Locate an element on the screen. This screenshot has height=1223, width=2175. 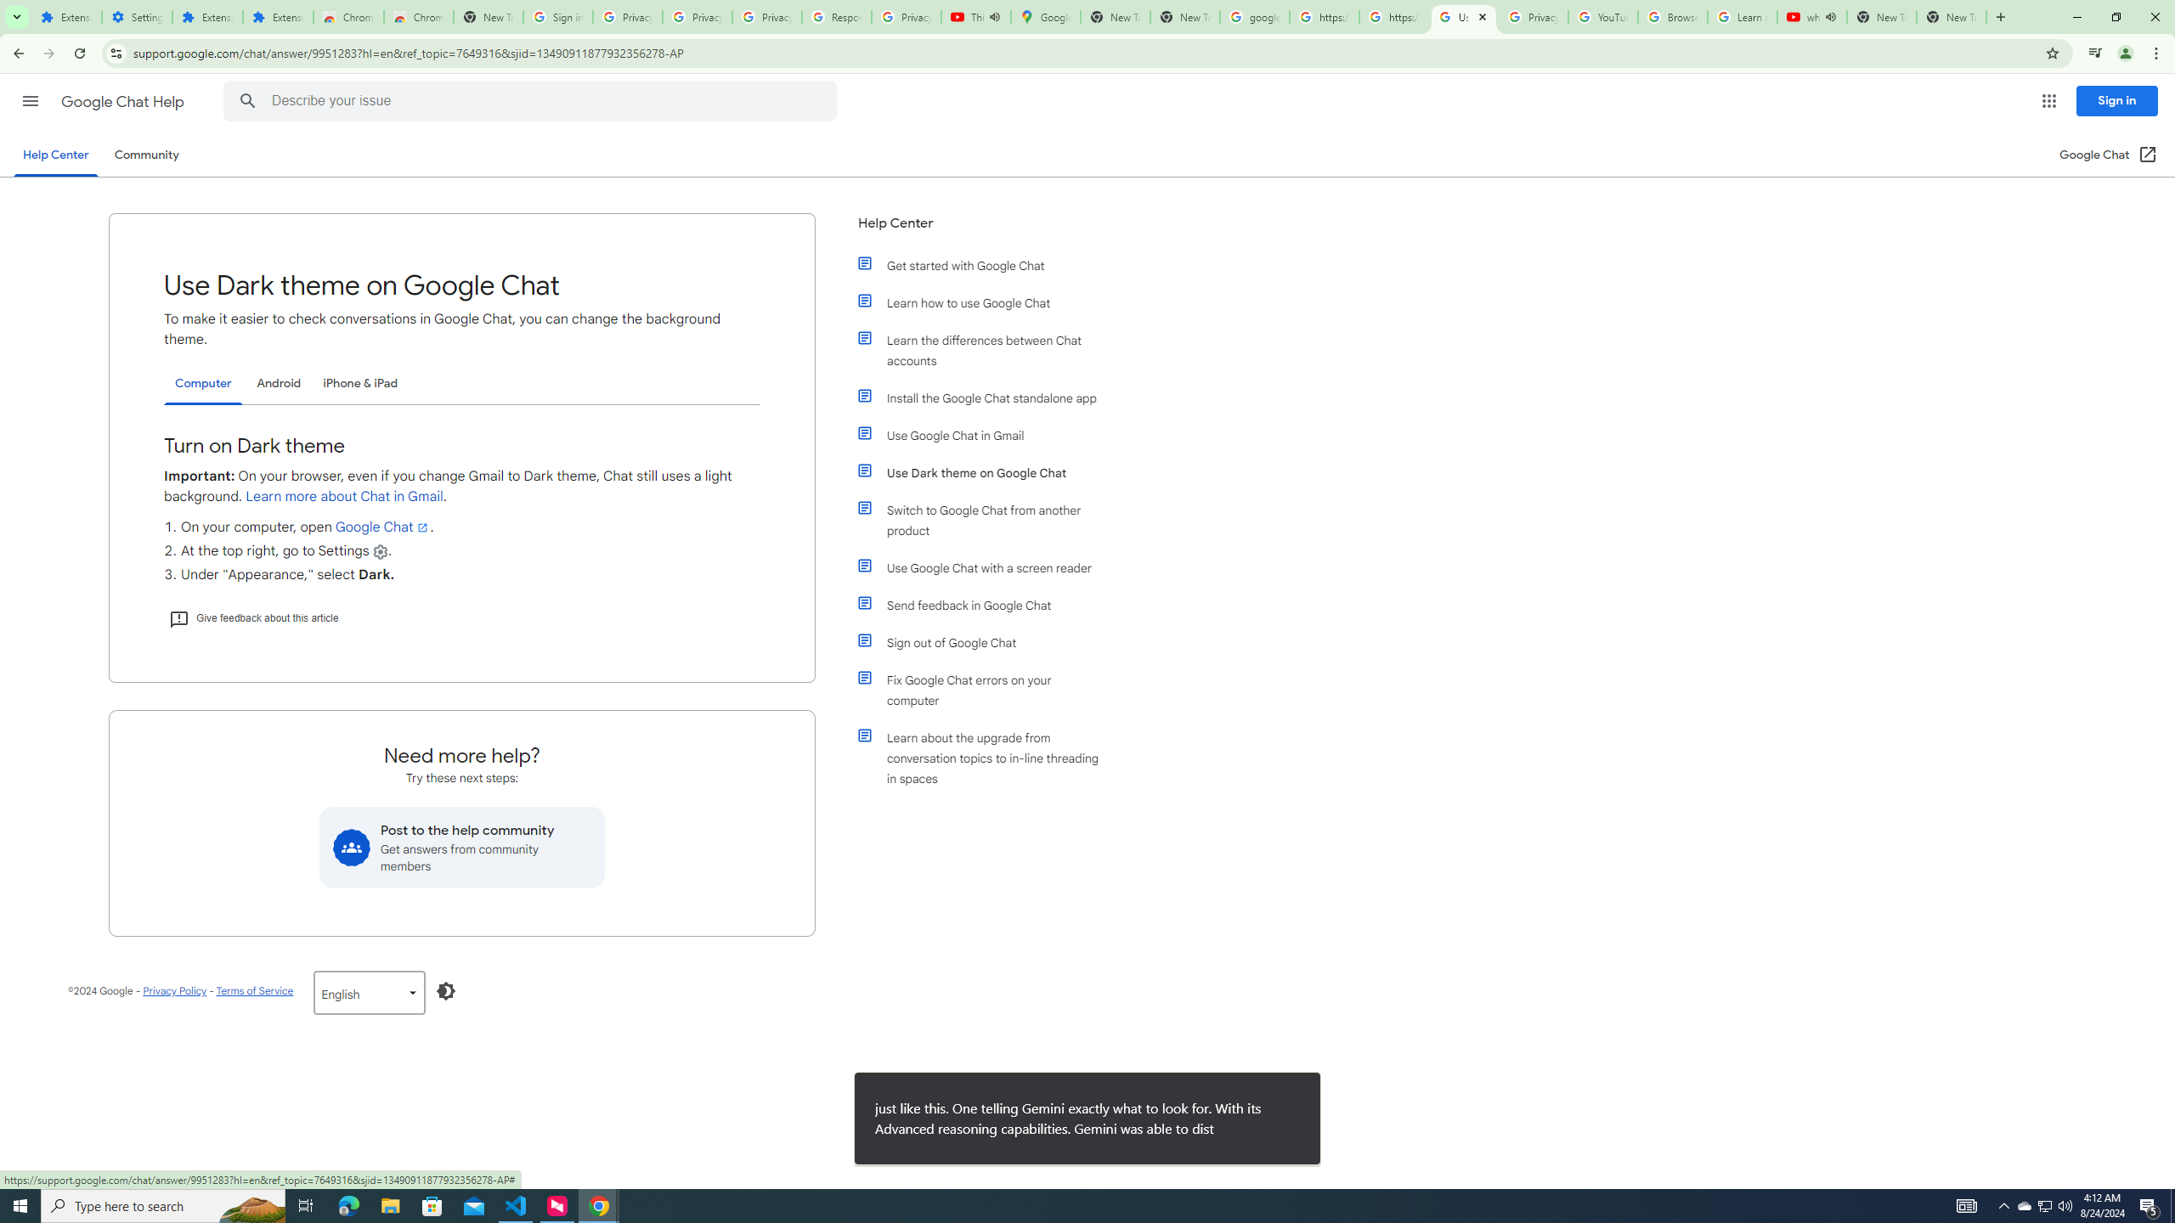
'Google Chat (Open in a new window)' is located at coordinates (2106, 154).